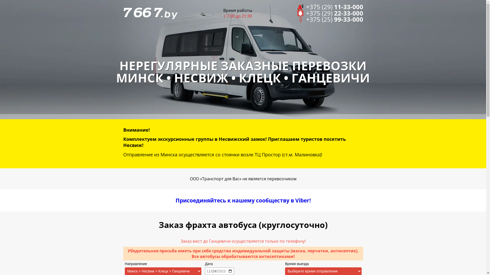  Describe the element at coordinates (330, 13) in the screenshot. I see `'+375 (29) 22-33-000'` at that location.